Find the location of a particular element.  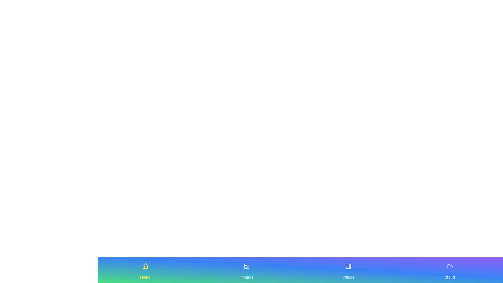

the Cloud navigation tab to switch views is located at coordinates (449, 270).